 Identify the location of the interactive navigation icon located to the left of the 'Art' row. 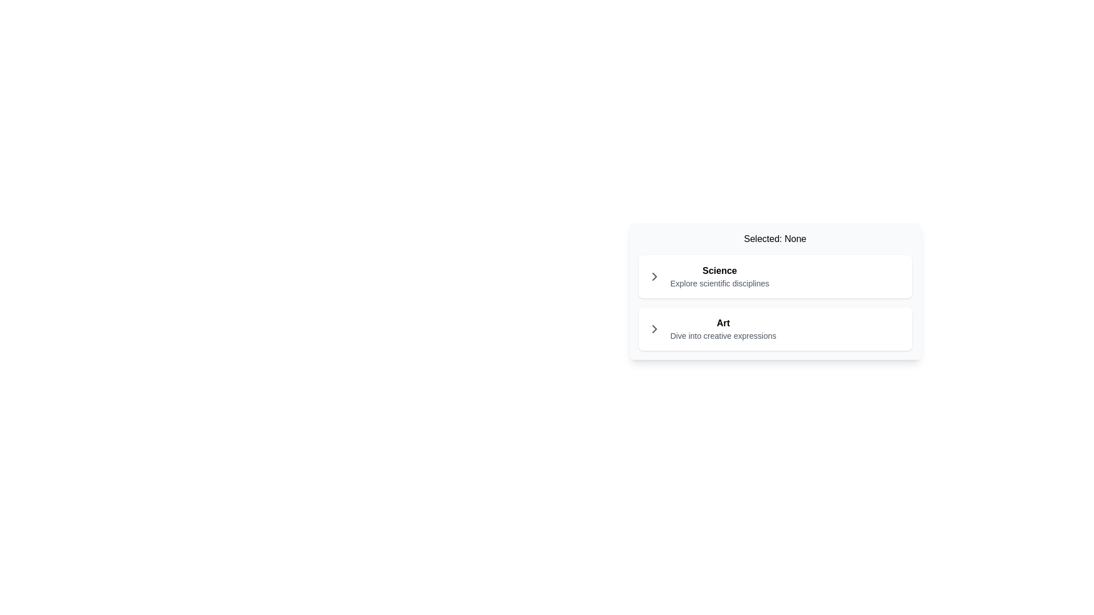
(654, 329).